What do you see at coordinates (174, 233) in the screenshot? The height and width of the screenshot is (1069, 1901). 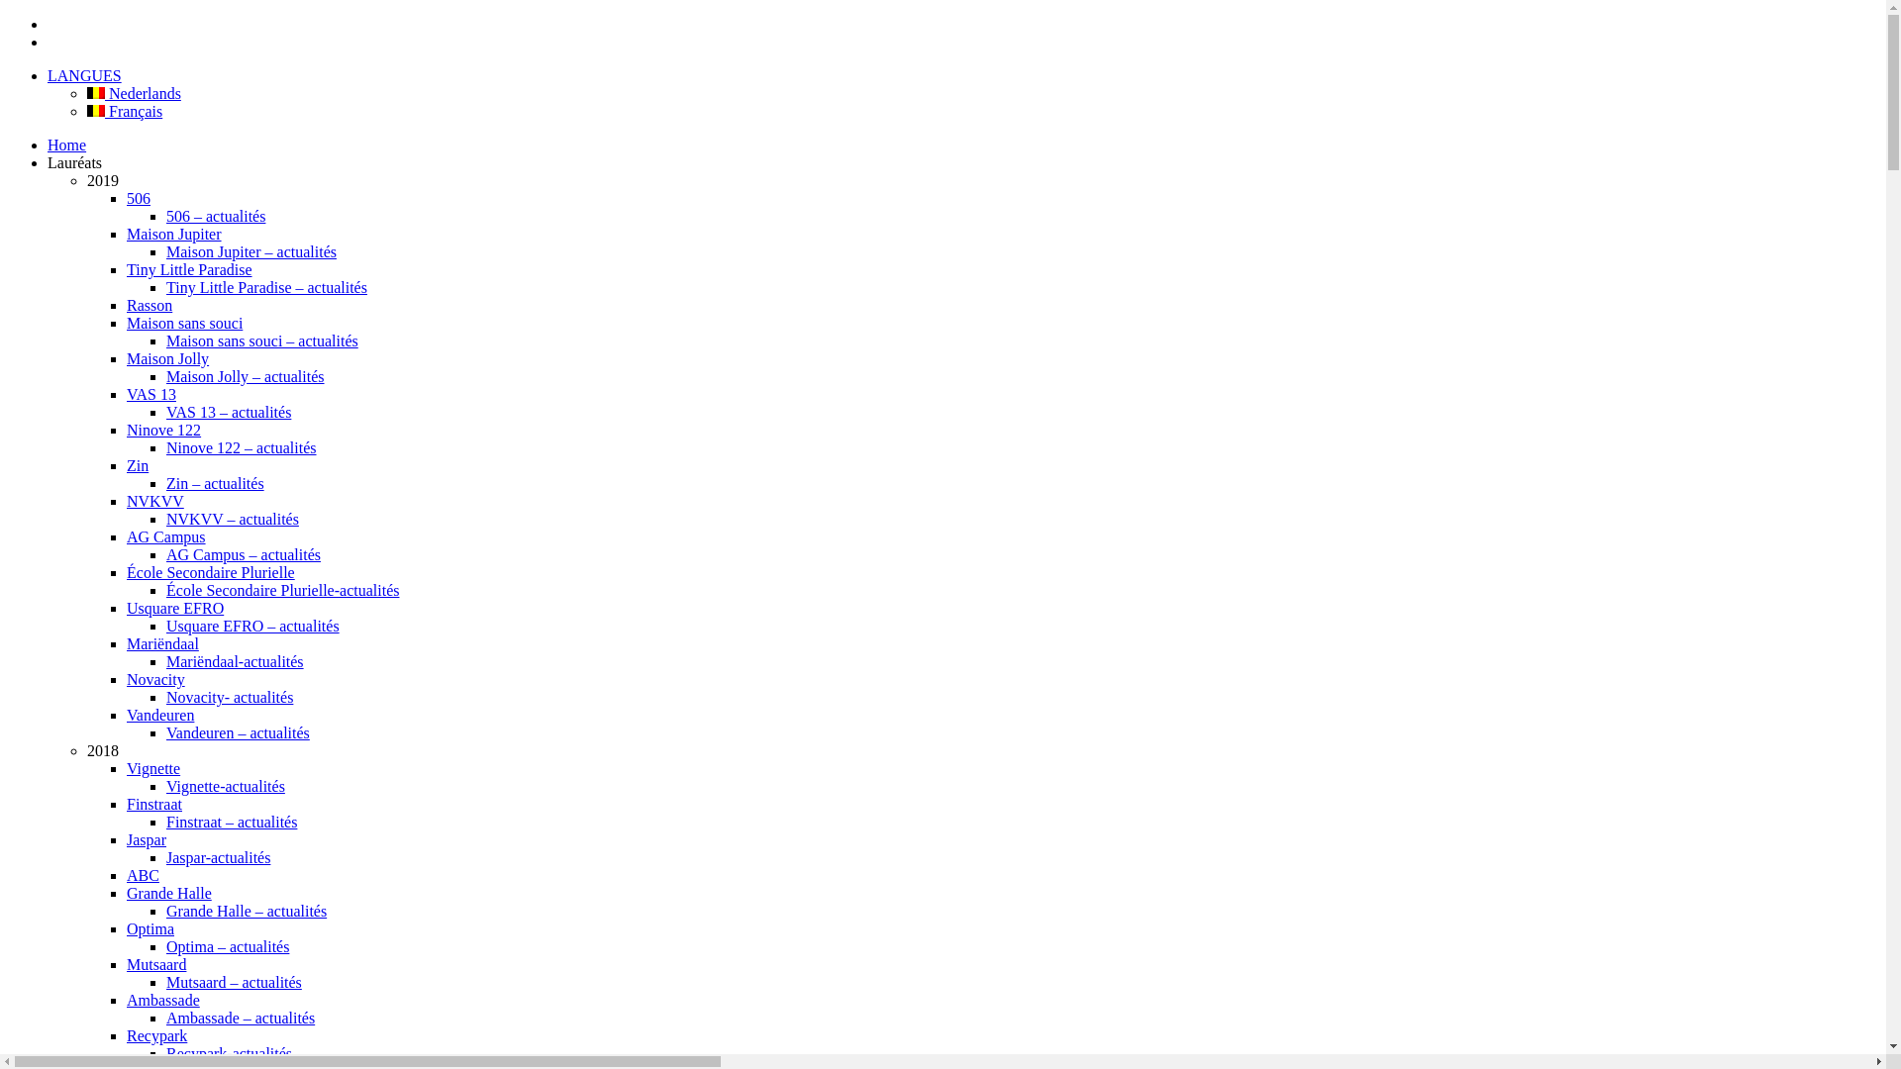 I see `'Maison Jupiter'` at bounding box center [174, 233].